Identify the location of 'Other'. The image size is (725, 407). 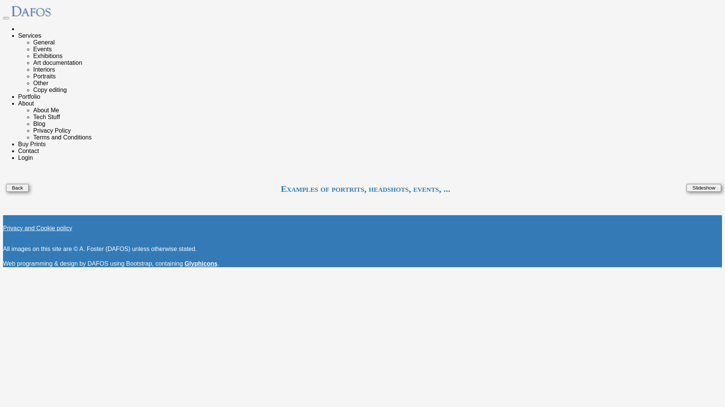
(40, 83).